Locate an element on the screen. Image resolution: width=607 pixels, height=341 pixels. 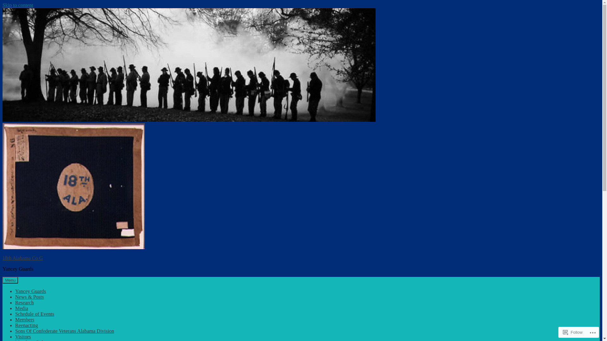
'Visitors' is located at coordinates (23, 336).